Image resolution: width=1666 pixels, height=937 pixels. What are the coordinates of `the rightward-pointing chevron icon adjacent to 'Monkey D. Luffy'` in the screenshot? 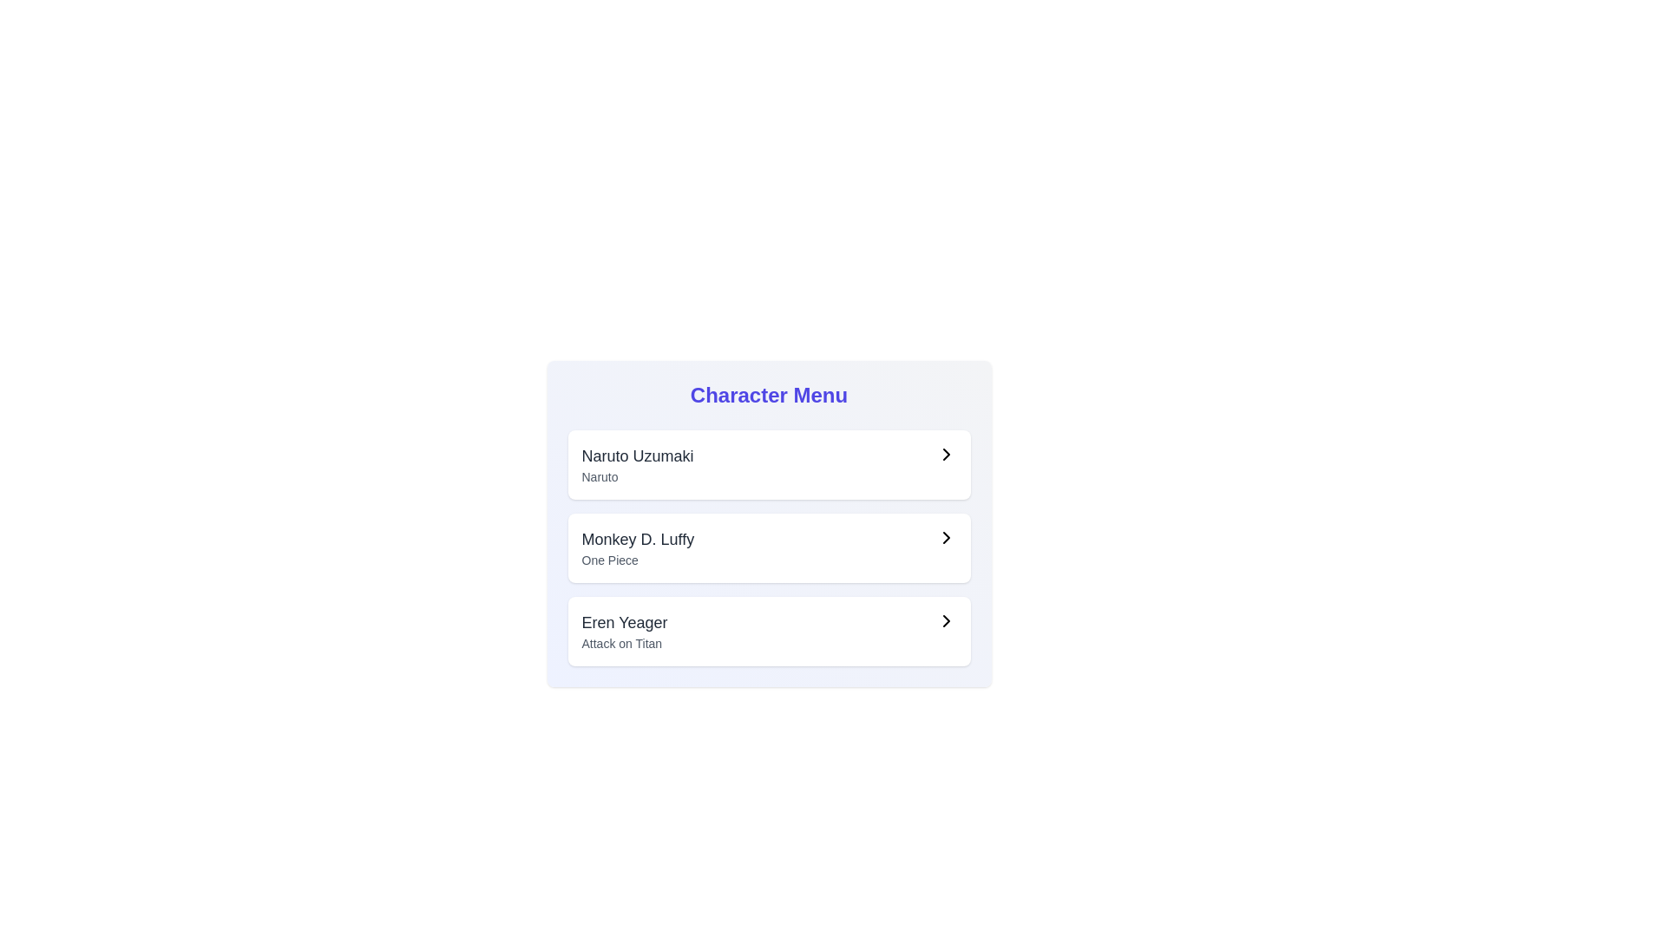 It's located at (945, 537).